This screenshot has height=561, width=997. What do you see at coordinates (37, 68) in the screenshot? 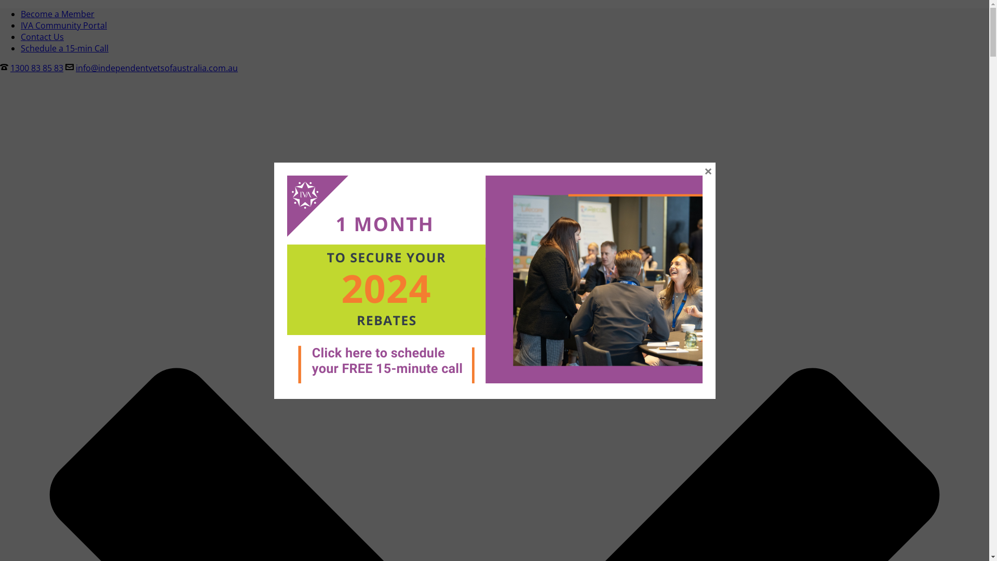
I see `'1300 83 85 83'` at bounding box center [37, 68].